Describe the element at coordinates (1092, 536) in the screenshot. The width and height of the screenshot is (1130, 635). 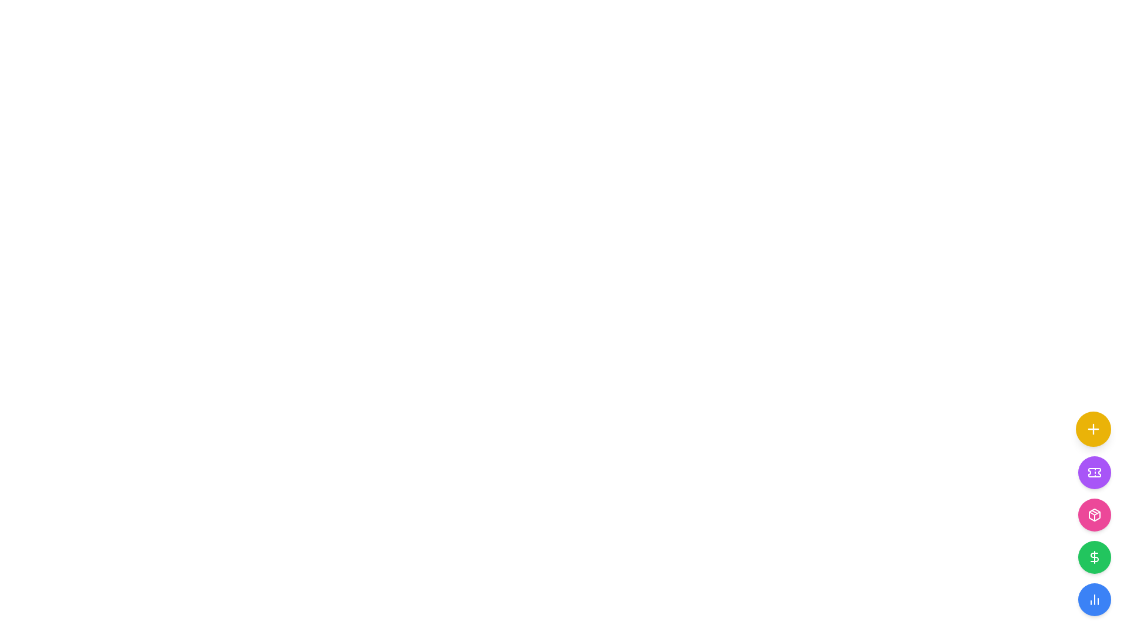
I see `the sales-related features button, which is the third circular button in a vertical arrangement of four, located near the bottom-right corner of the interface` at that location.